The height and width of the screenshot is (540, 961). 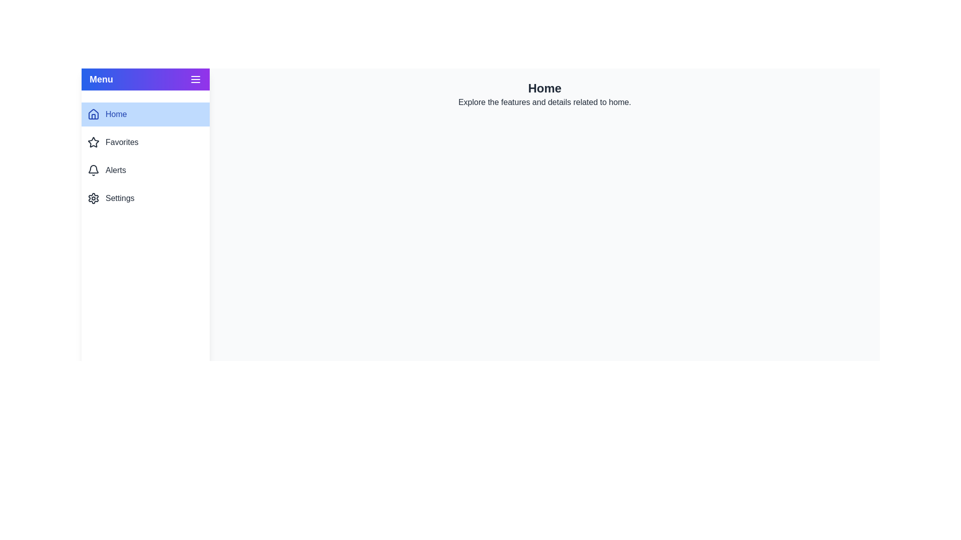 What do you see at coordinates (94, 198) in the screenshot?
I see `the outer gear component of the 'Settings' icon in the left-hand navigation menu, which is the fourth item in the menu and visually distinct with red color and black outlines` at bounding box center [94, 198].